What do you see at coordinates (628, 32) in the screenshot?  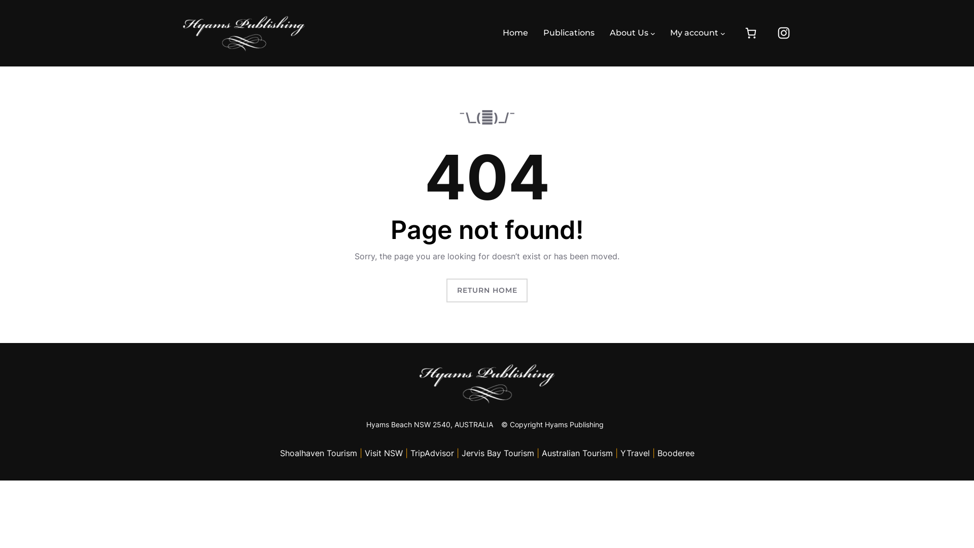 I see `'About Us'` at bounding box center [628, 32].